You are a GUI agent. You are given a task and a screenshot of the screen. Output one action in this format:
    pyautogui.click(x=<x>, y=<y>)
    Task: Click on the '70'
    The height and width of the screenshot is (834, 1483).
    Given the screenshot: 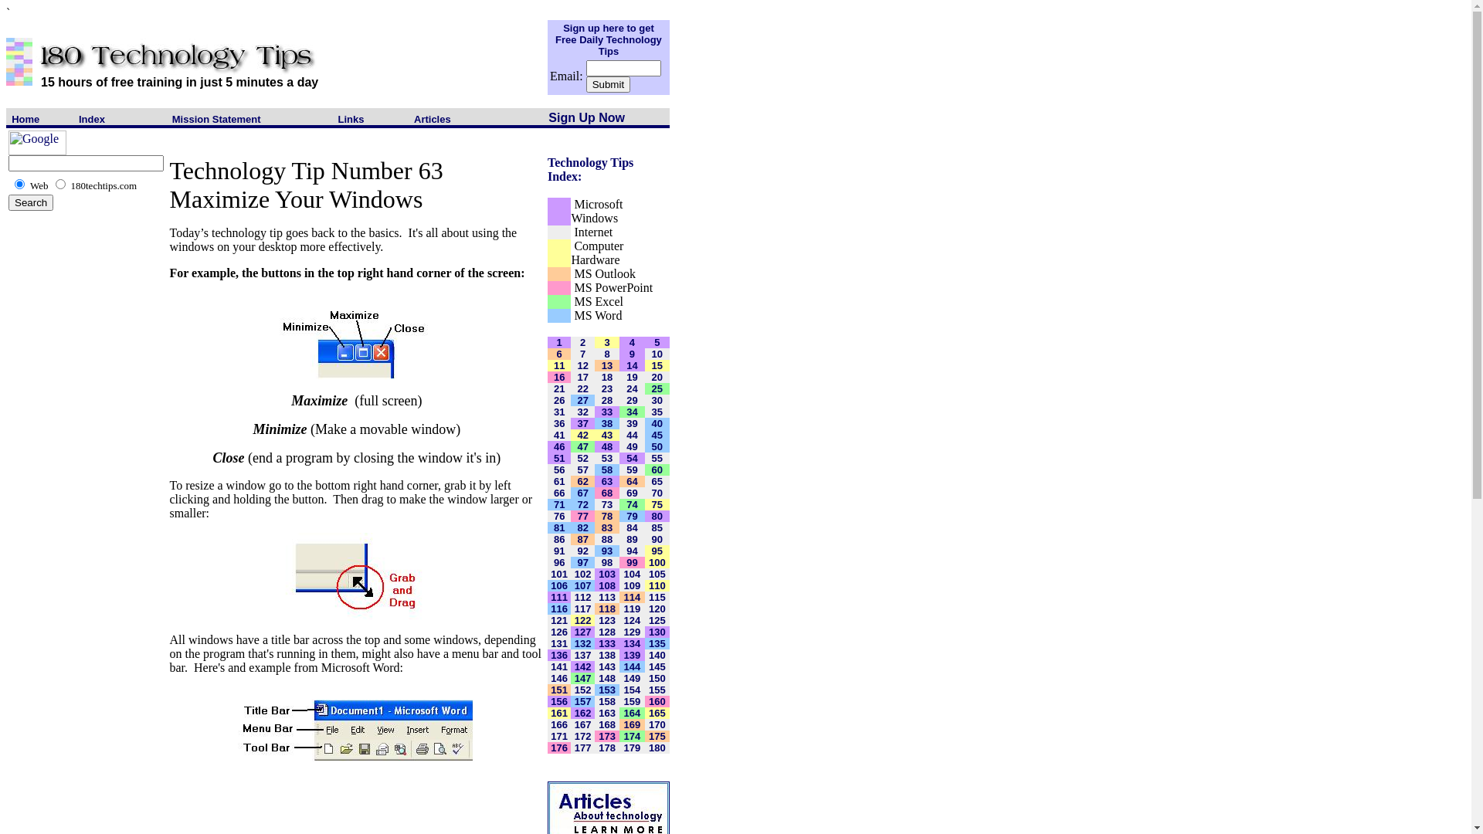 What is the action you would take?
    pyautogui.click(x=657, y=493)
    